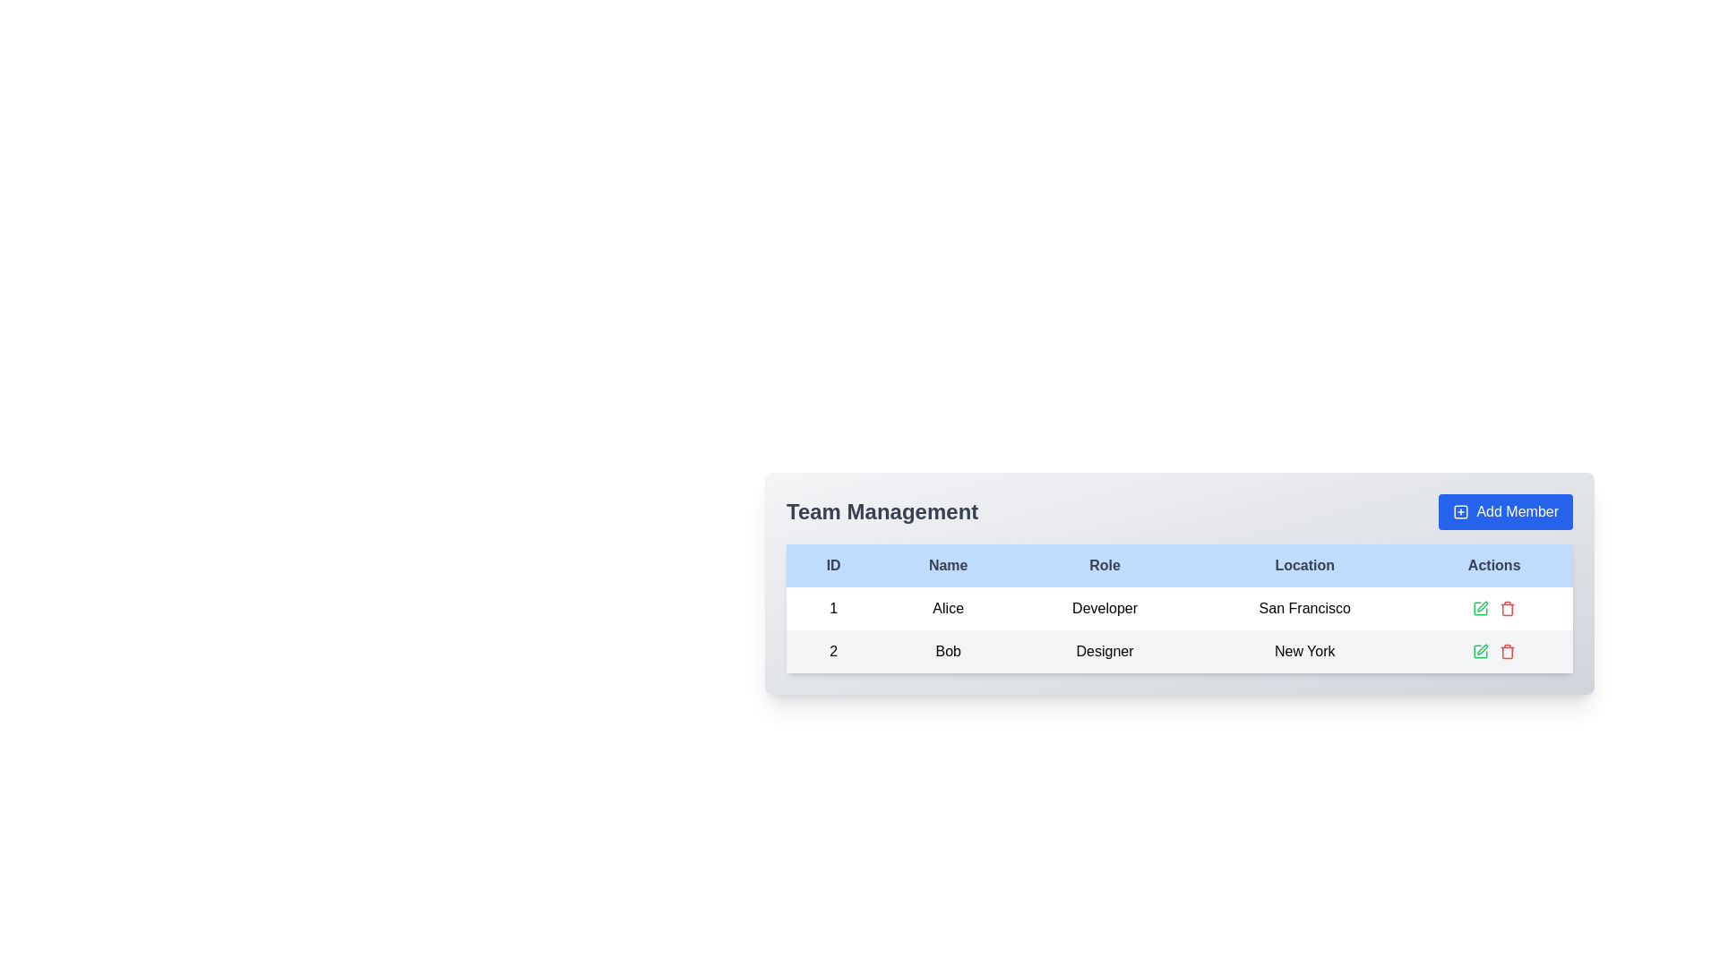 The image size is (1720, 967). Describe the element at coordinates (832, 607) in the screenshot. I see `the Text label displaying the ID number for the entity 'Alice' in the first cell of the first row of the table beneath the 'ID' header` at that location.